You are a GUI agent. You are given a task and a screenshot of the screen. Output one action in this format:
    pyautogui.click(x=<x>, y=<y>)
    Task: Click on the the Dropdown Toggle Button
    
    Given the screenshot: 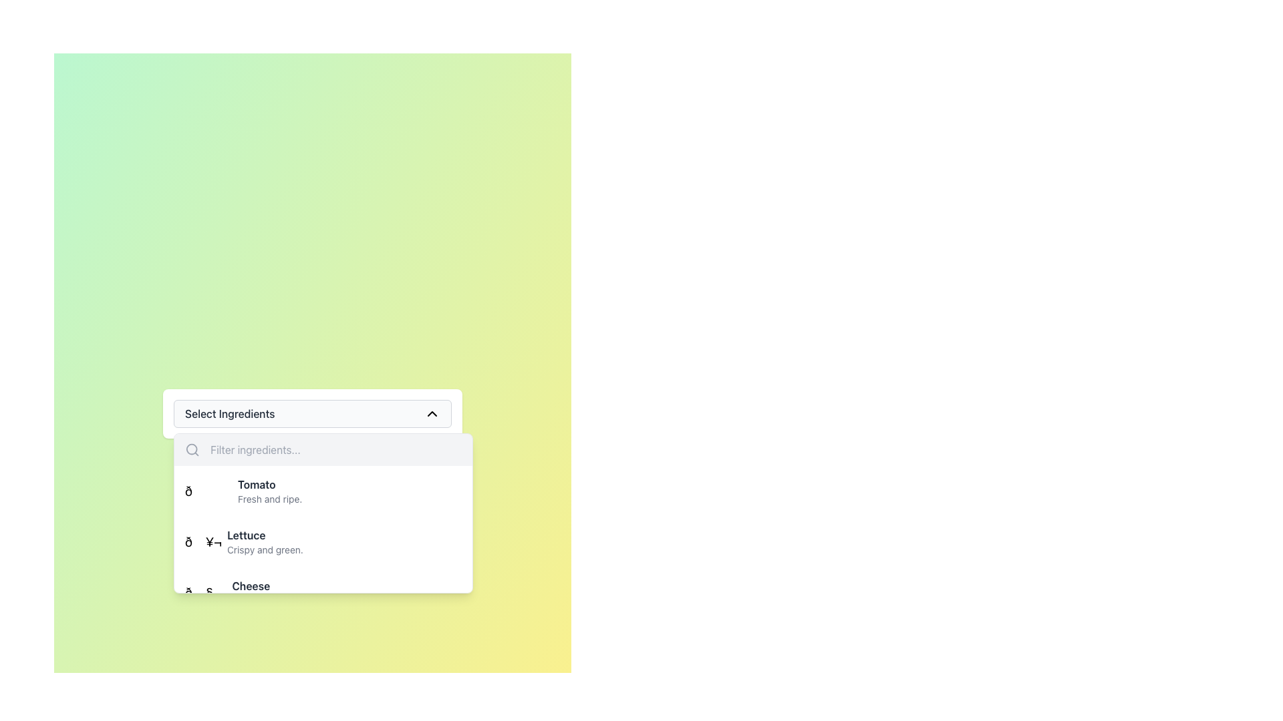 What is the action you would take?
    pyautogui.click(x=311, y=413)
    